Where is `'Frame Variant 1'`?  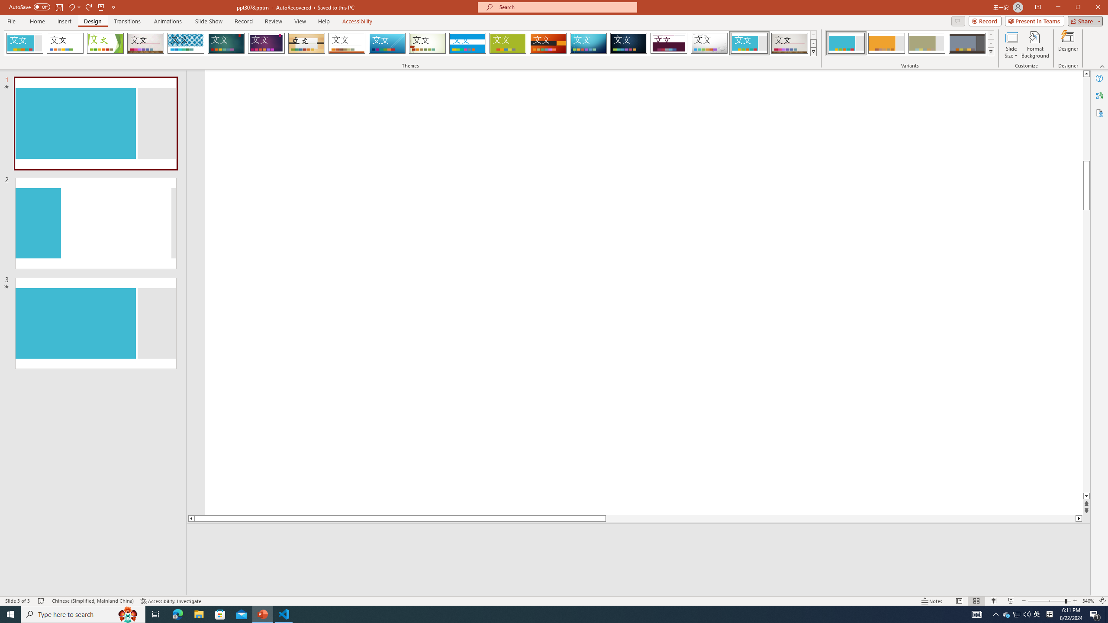 'Frame Variant 1' is located at coordinates (846, 43).